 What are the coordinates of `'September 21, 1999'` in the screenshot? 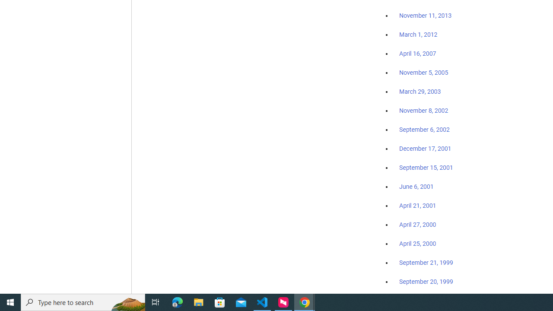 It's located at (426, 262).